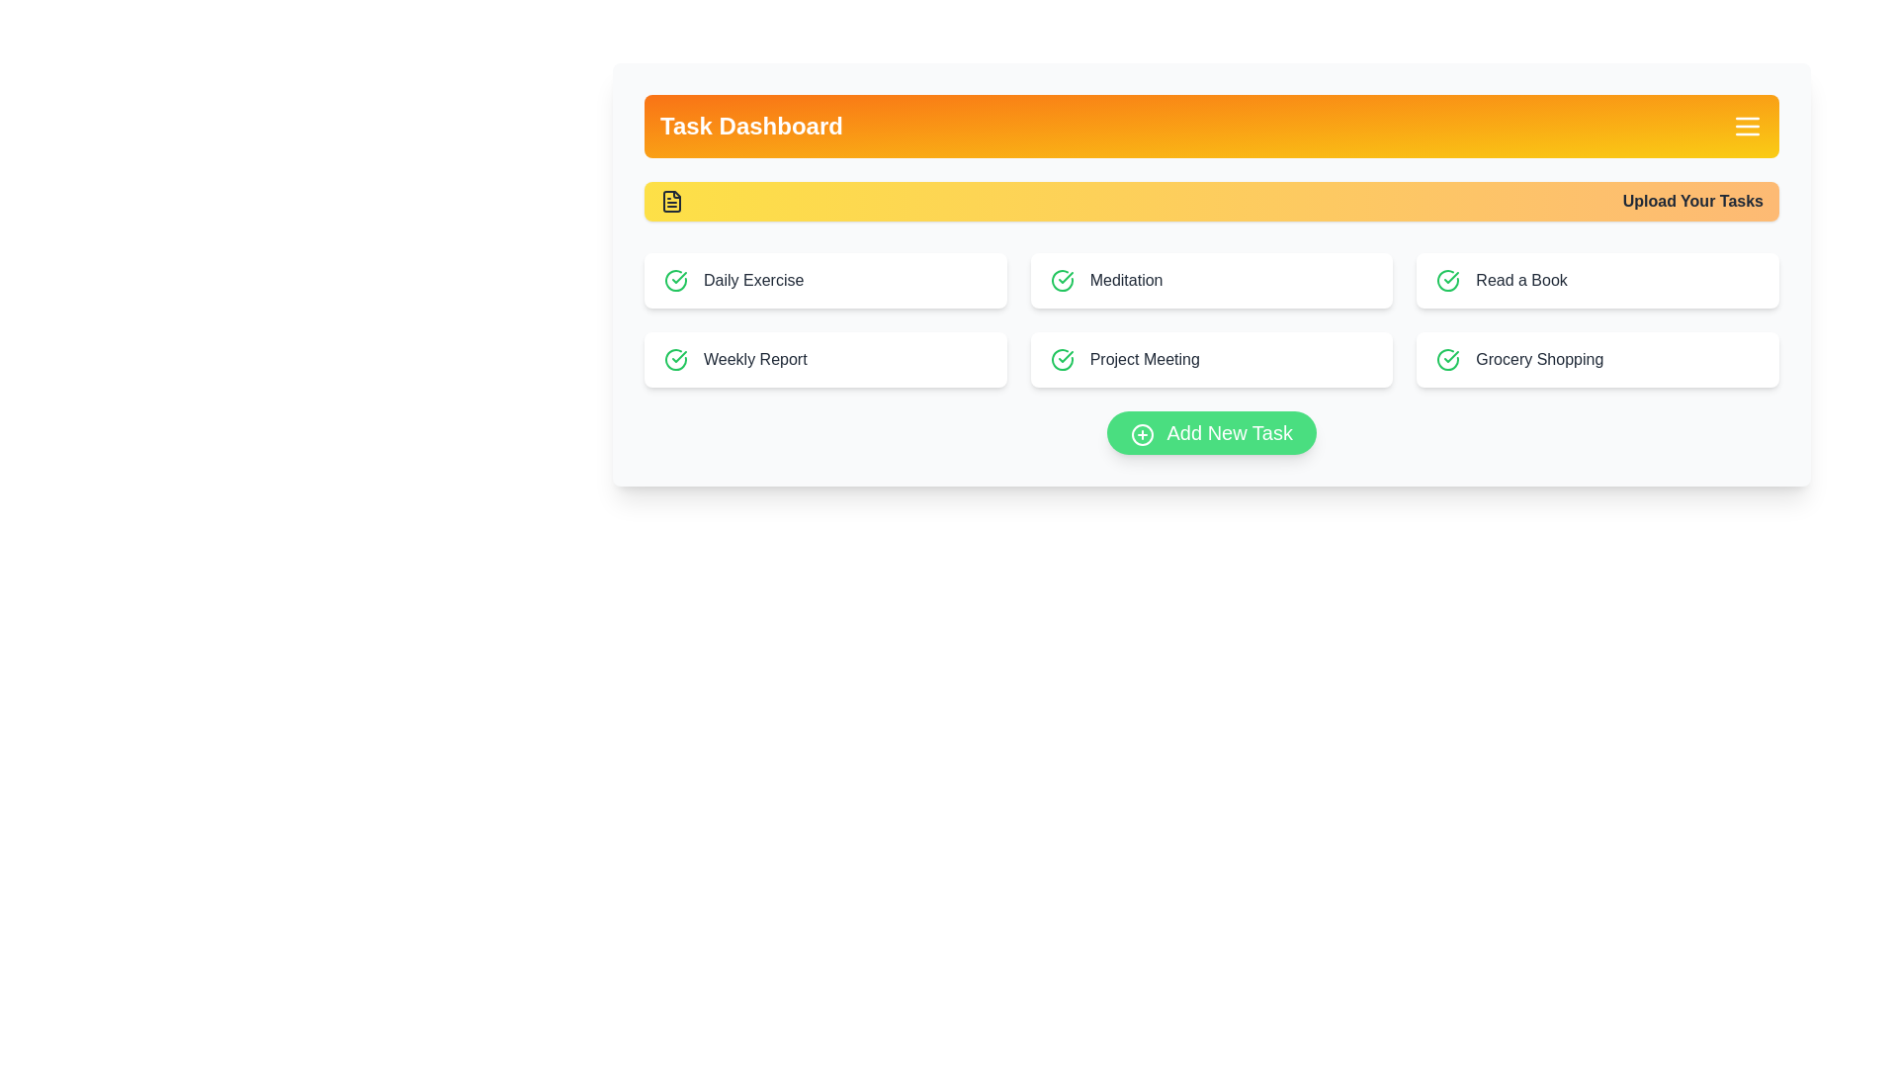  What do you see at coordinates (1598, 359) in the screenshot?
I see `the task 'Grocery Shopping' from the task list` at bounding box center [1598, 359].